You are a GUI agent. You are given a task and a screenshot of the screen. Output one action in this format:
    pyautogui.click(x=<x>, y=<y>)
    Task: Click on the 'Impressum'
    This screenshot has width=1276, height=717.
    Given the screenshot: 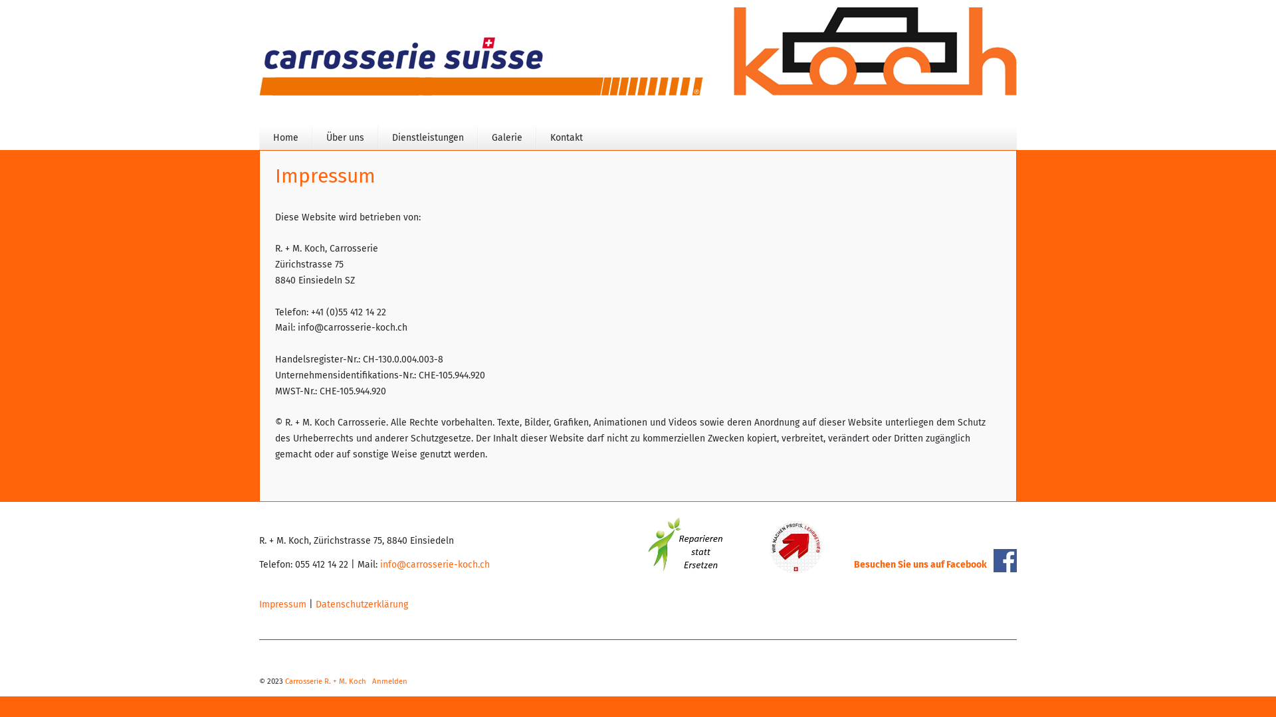 What is the action you would take?
    pyautogui.click(x=282, y=604)
    